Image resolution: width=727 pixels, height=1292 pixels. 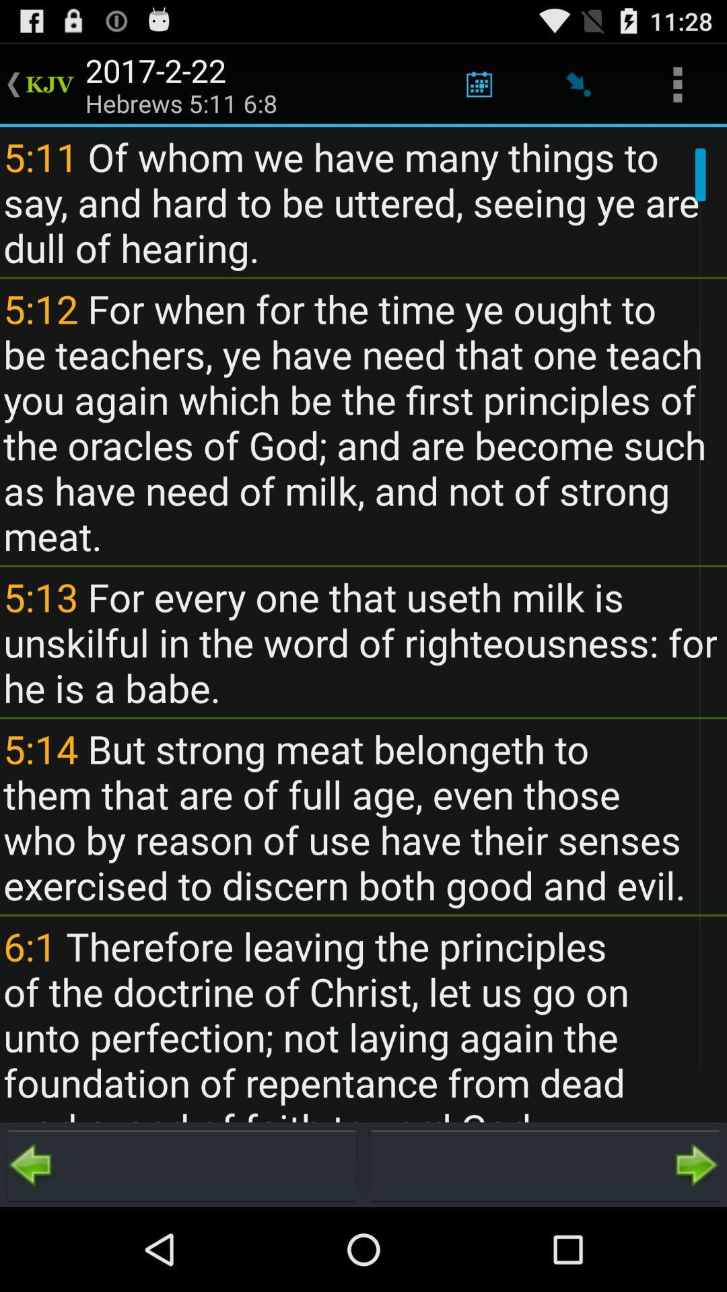 I want to click on go back, so click(x=182, y=1164).